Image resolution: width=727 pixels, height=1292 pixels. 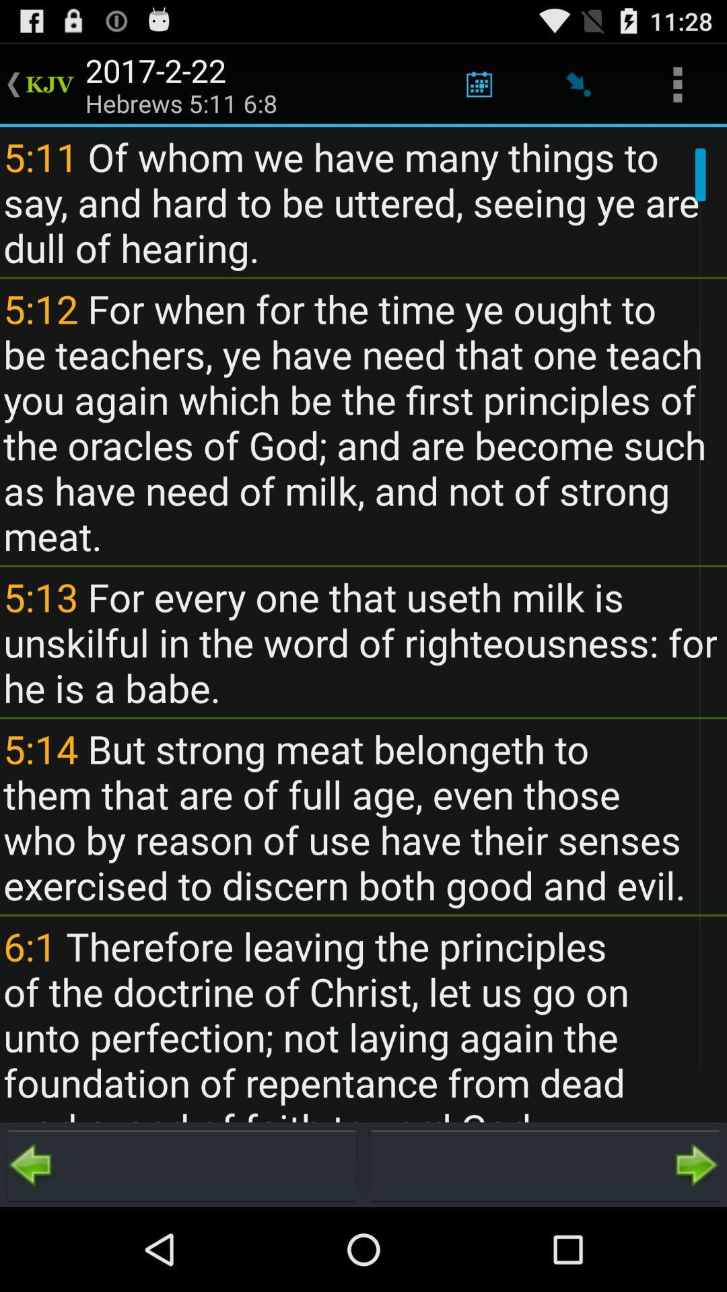 I want to click on go back, so click(x=182, y=1164).